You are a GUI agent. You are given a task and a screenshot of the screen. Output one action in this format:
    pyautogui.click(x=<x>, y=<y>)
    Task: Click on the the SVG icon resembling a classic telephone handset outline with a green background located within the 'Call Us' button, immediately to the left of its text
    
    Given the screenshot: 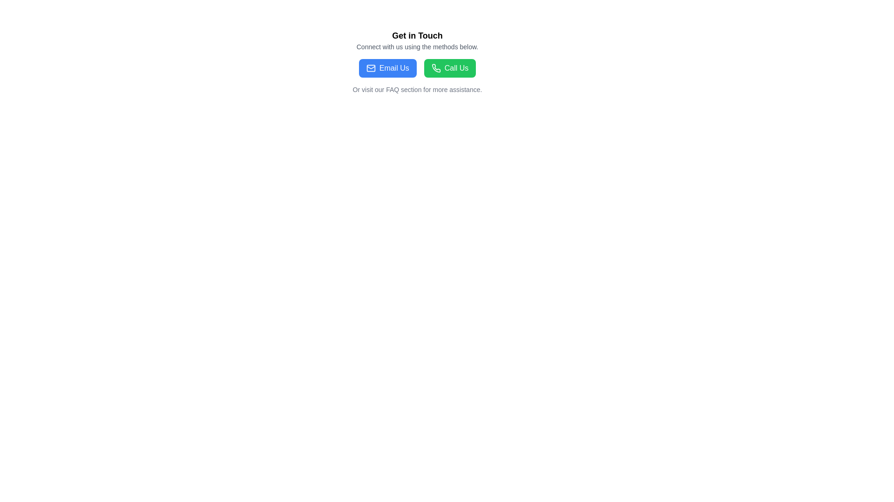 What is the action you would take?
    pyautogui.click(x=435, y=67)
    